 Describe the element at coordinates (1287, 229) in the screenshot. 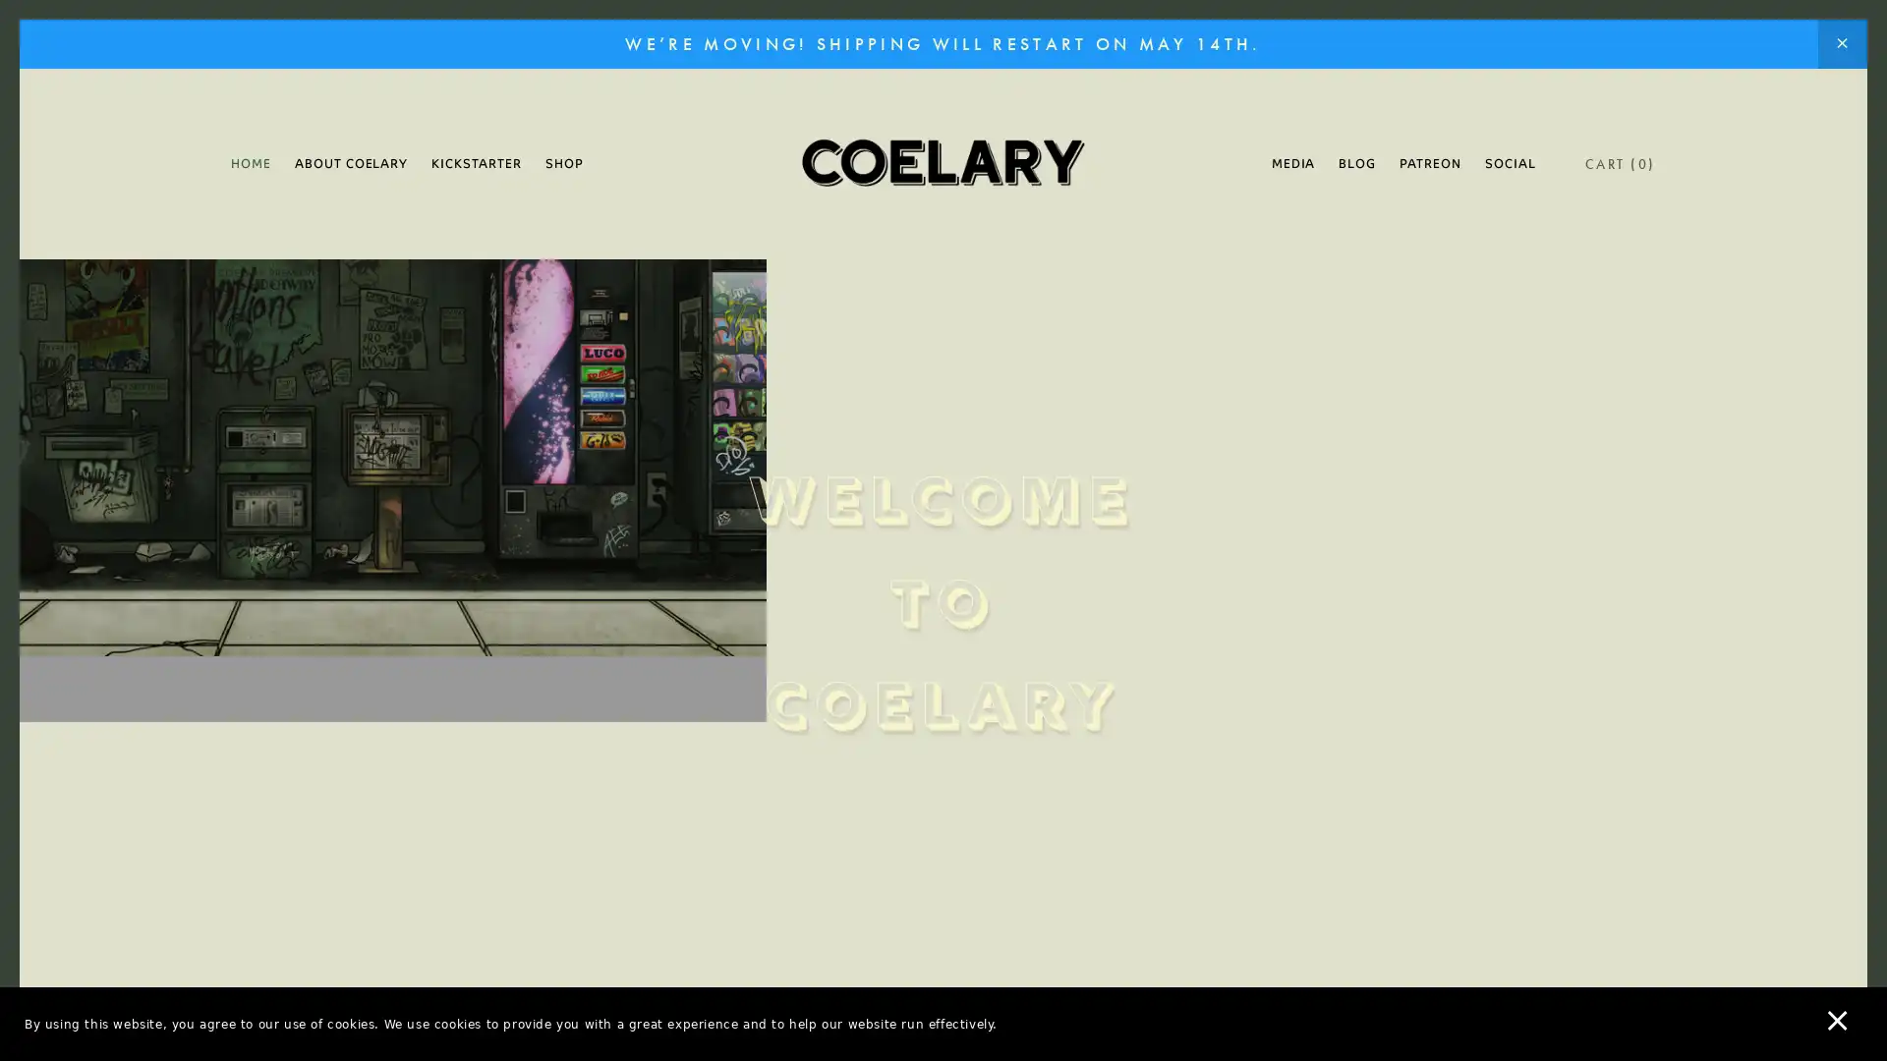

I see `Close` at that location.